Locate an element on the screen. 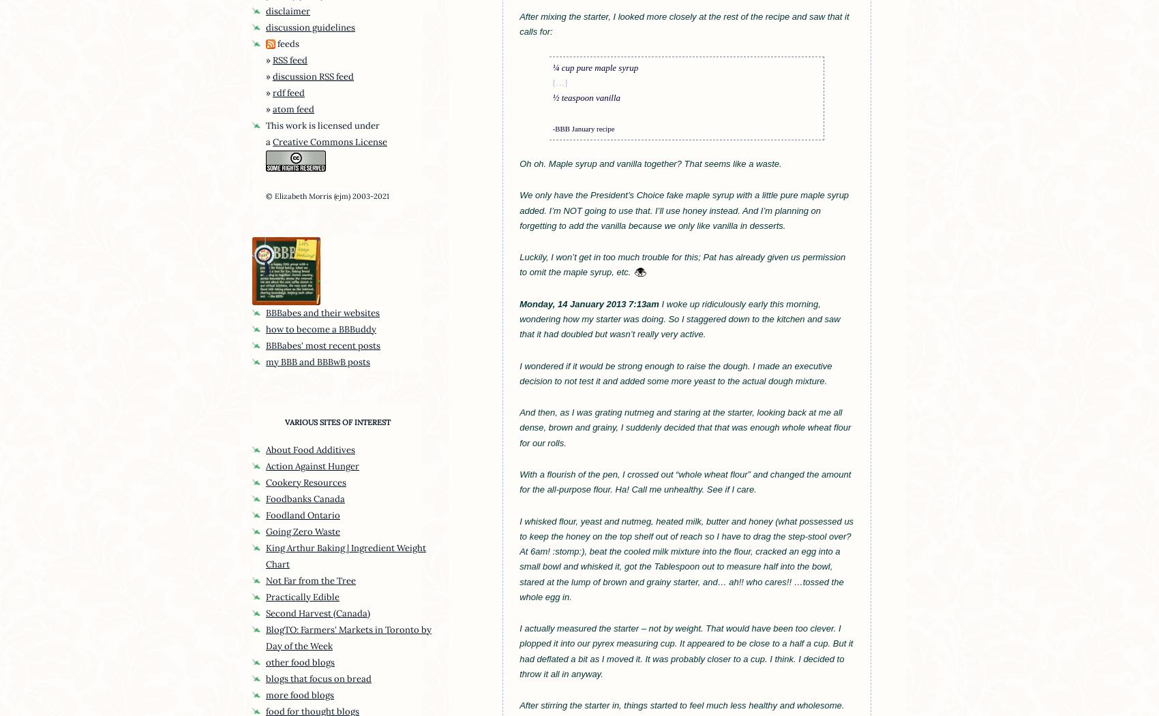 The height and width of the screenshot is (716, 1159). 'Monday, 14 January 2013 7:13am' is located at coordinates (588, 303).